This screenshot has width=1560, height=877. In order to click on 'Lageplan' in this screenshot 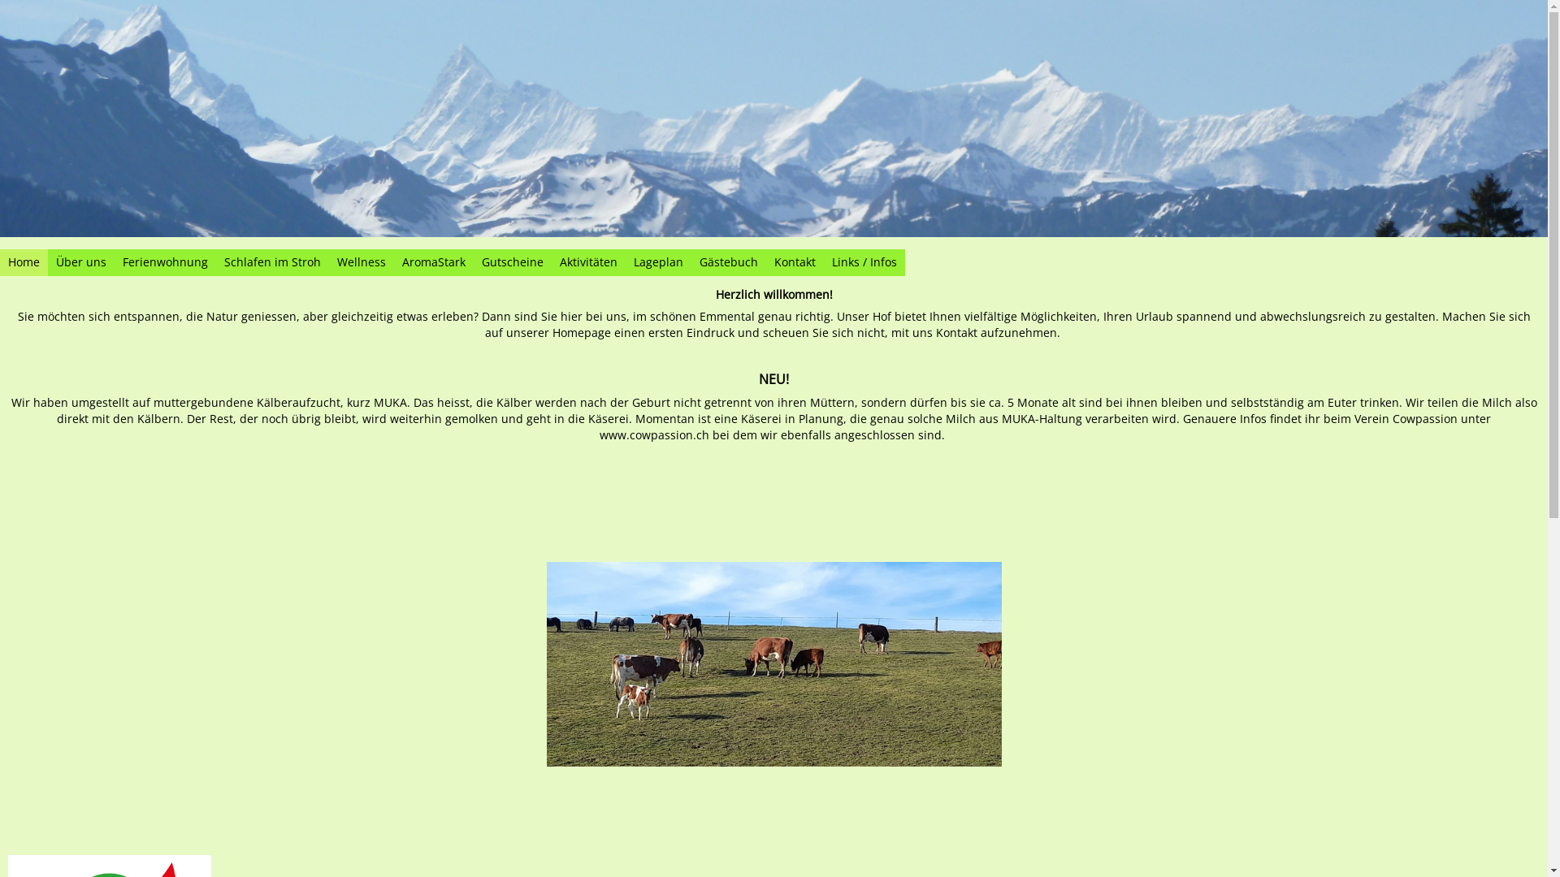, I will do `click(624, 261)`.